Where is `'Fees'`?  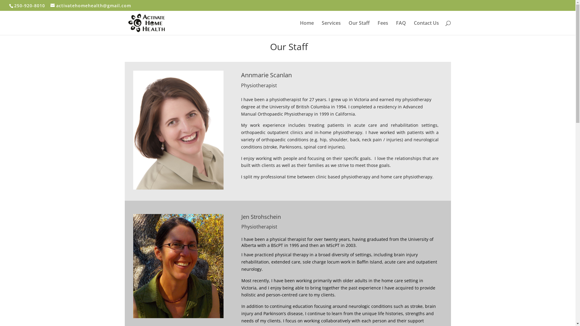 'Fees' is located at coordinates (377, 28).